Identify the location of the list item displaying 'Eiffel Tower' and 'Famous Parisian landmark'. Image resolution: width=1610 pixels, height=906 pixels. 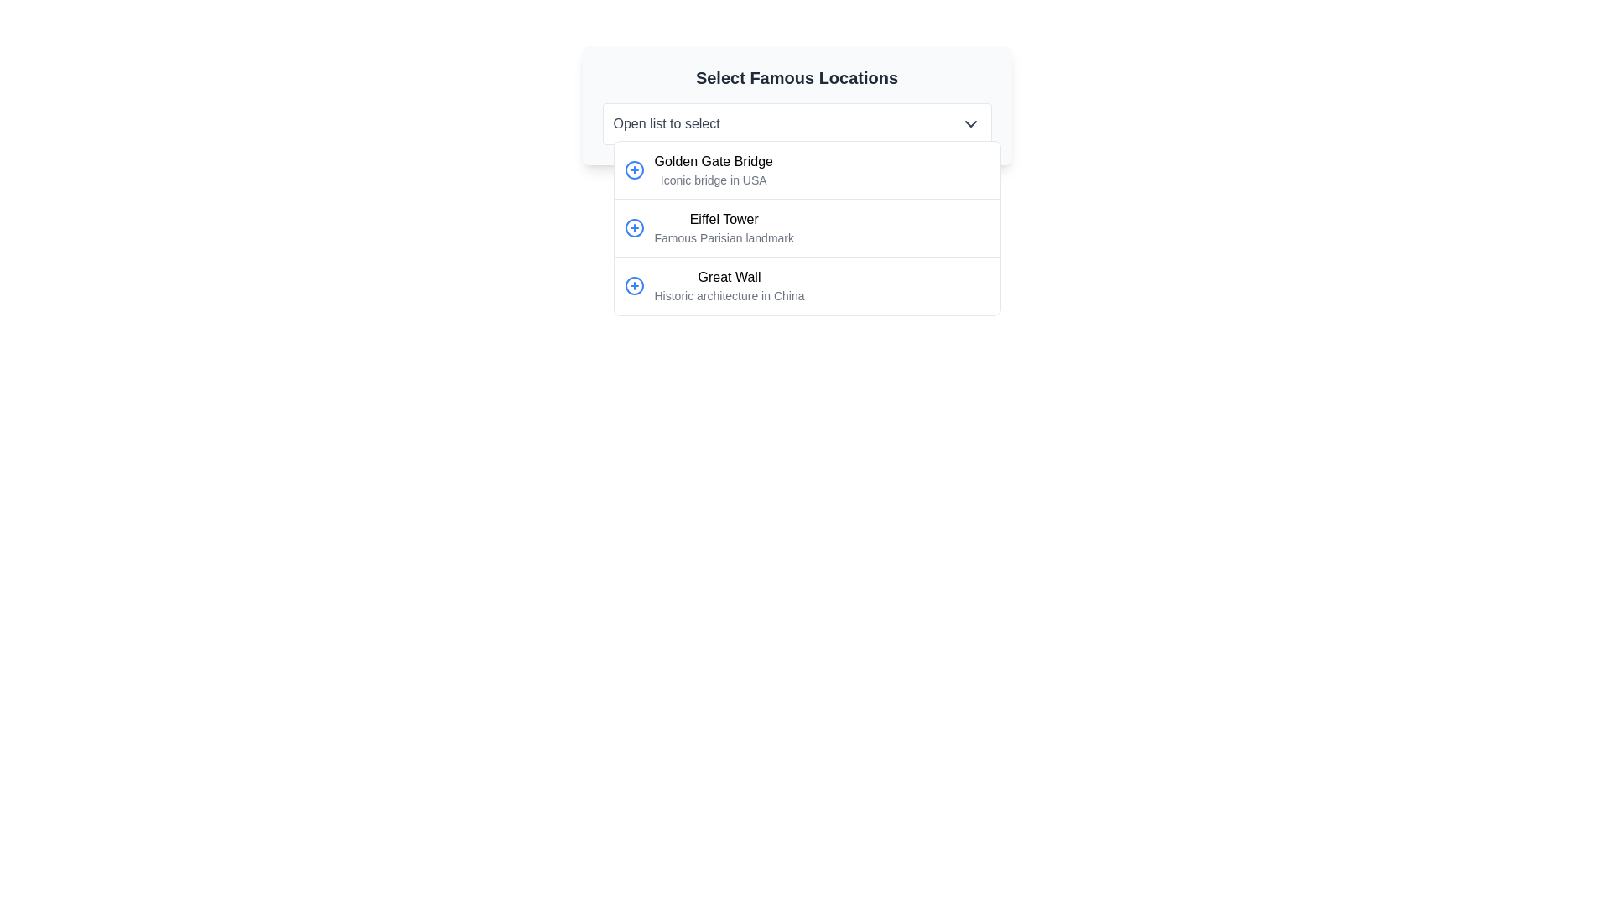
(724, 228).